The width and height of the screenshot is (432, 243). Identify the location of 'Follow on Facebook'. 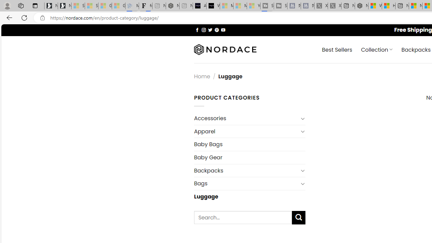
(197, 29).